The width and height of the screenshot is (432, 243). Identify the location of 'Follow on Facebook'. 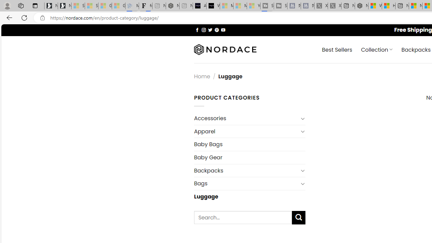
(197, 29).